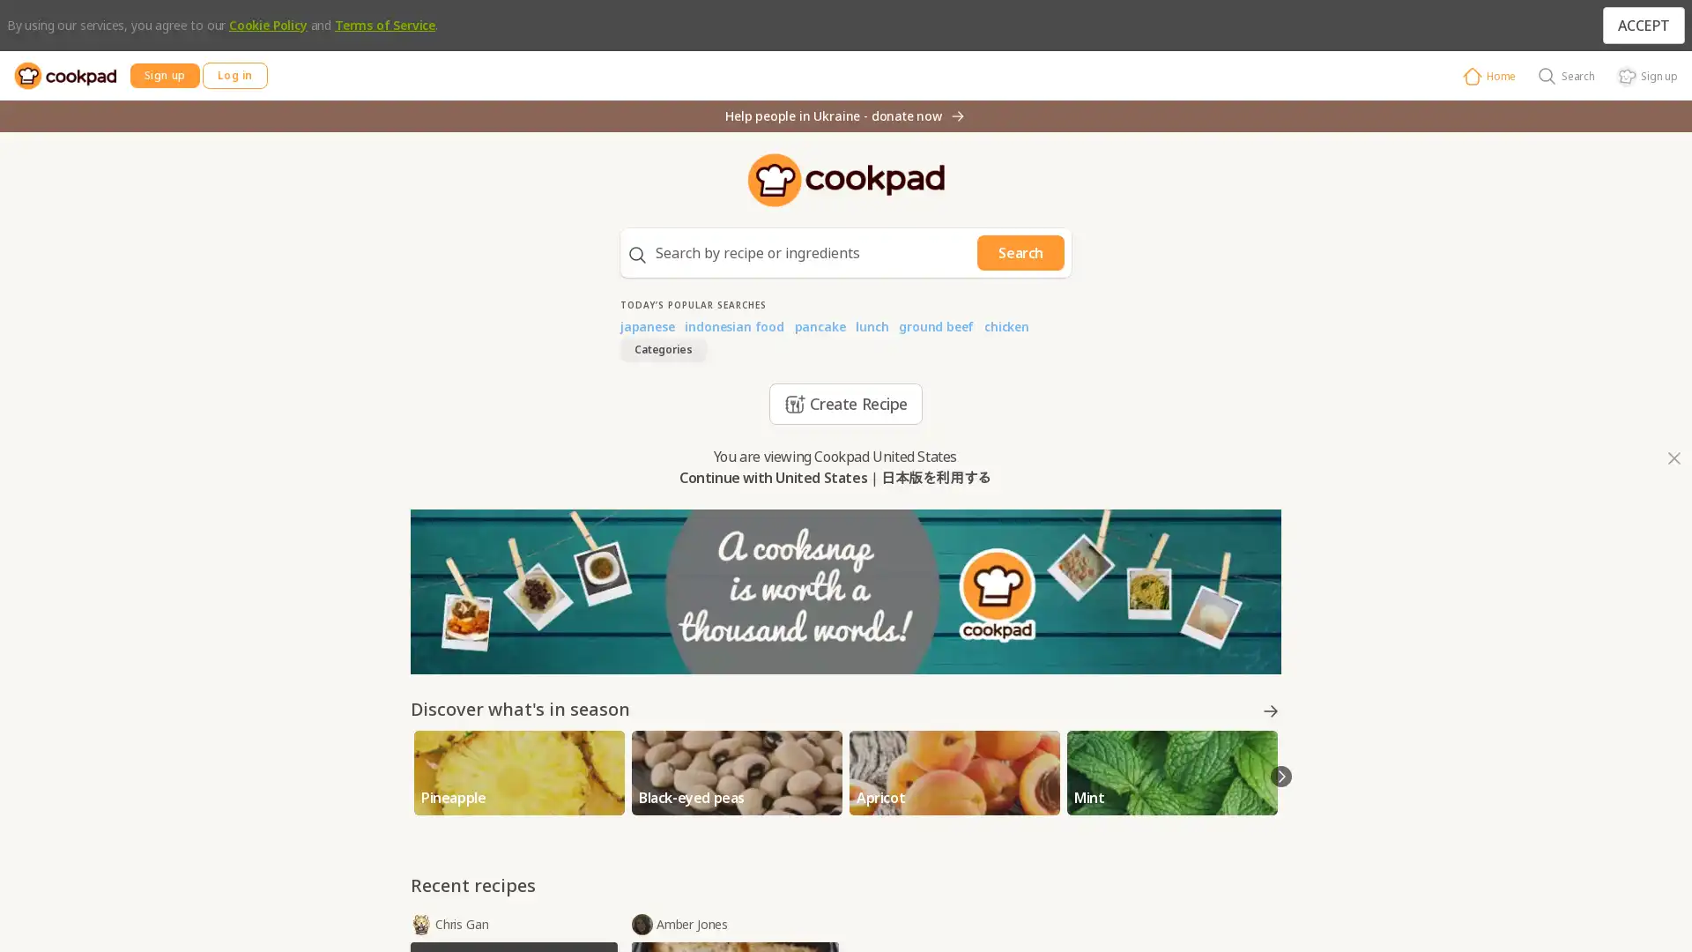 The height and width of the screenshot is (952, 1692). Describe the element at coordinates (1020, 252) in the screenshot. I see `Search` at that location.